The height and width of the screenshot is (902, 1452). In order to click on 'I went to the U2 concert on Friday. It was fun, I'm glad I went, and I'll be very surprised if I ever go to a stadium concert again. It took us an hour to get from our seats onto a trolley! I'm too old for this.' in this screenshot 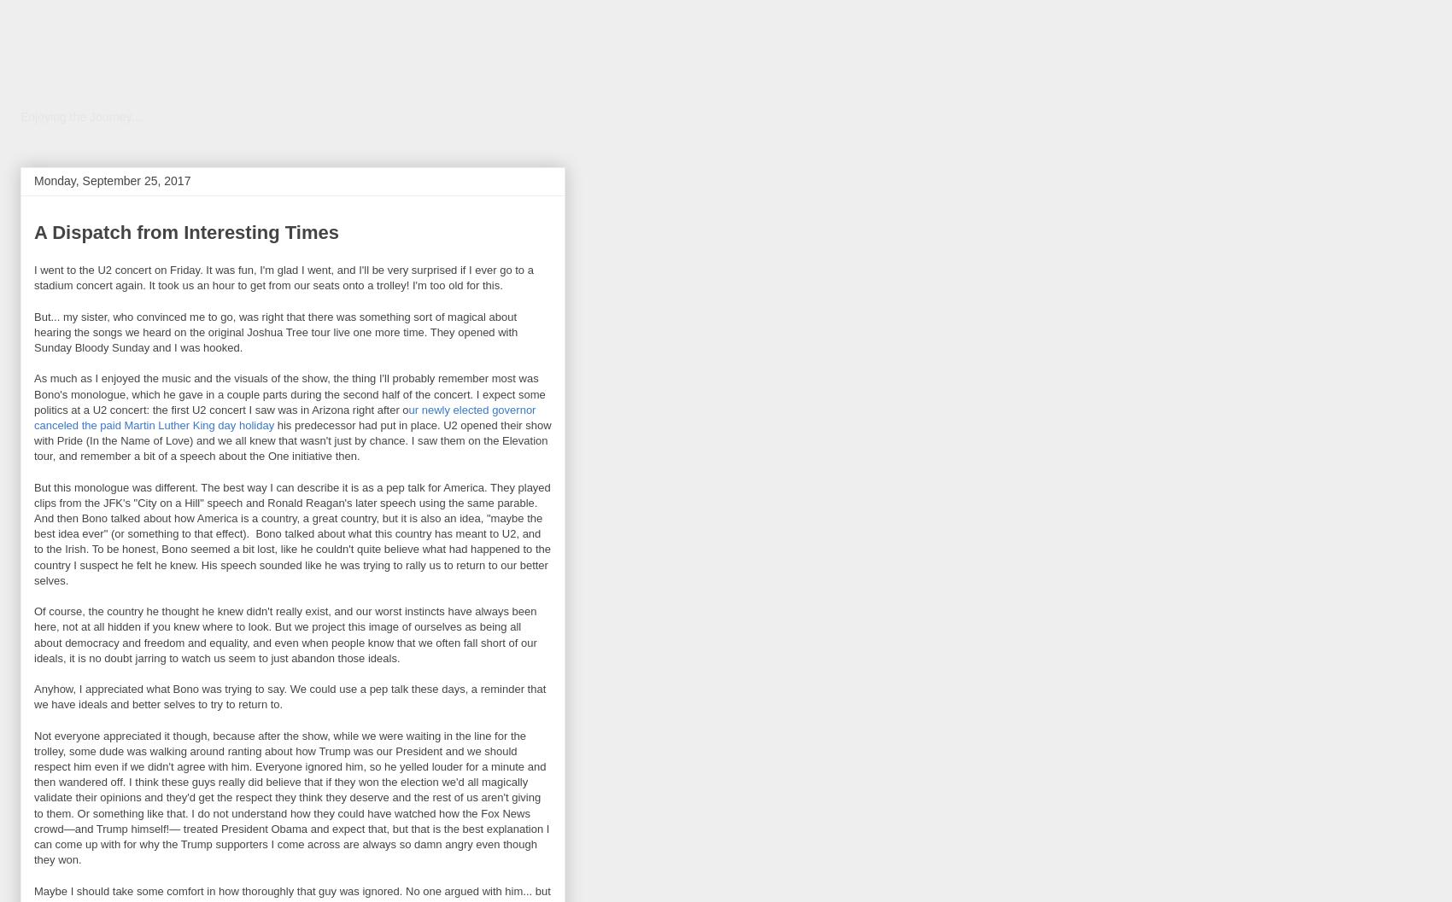, I will do `click(33, 277)`.